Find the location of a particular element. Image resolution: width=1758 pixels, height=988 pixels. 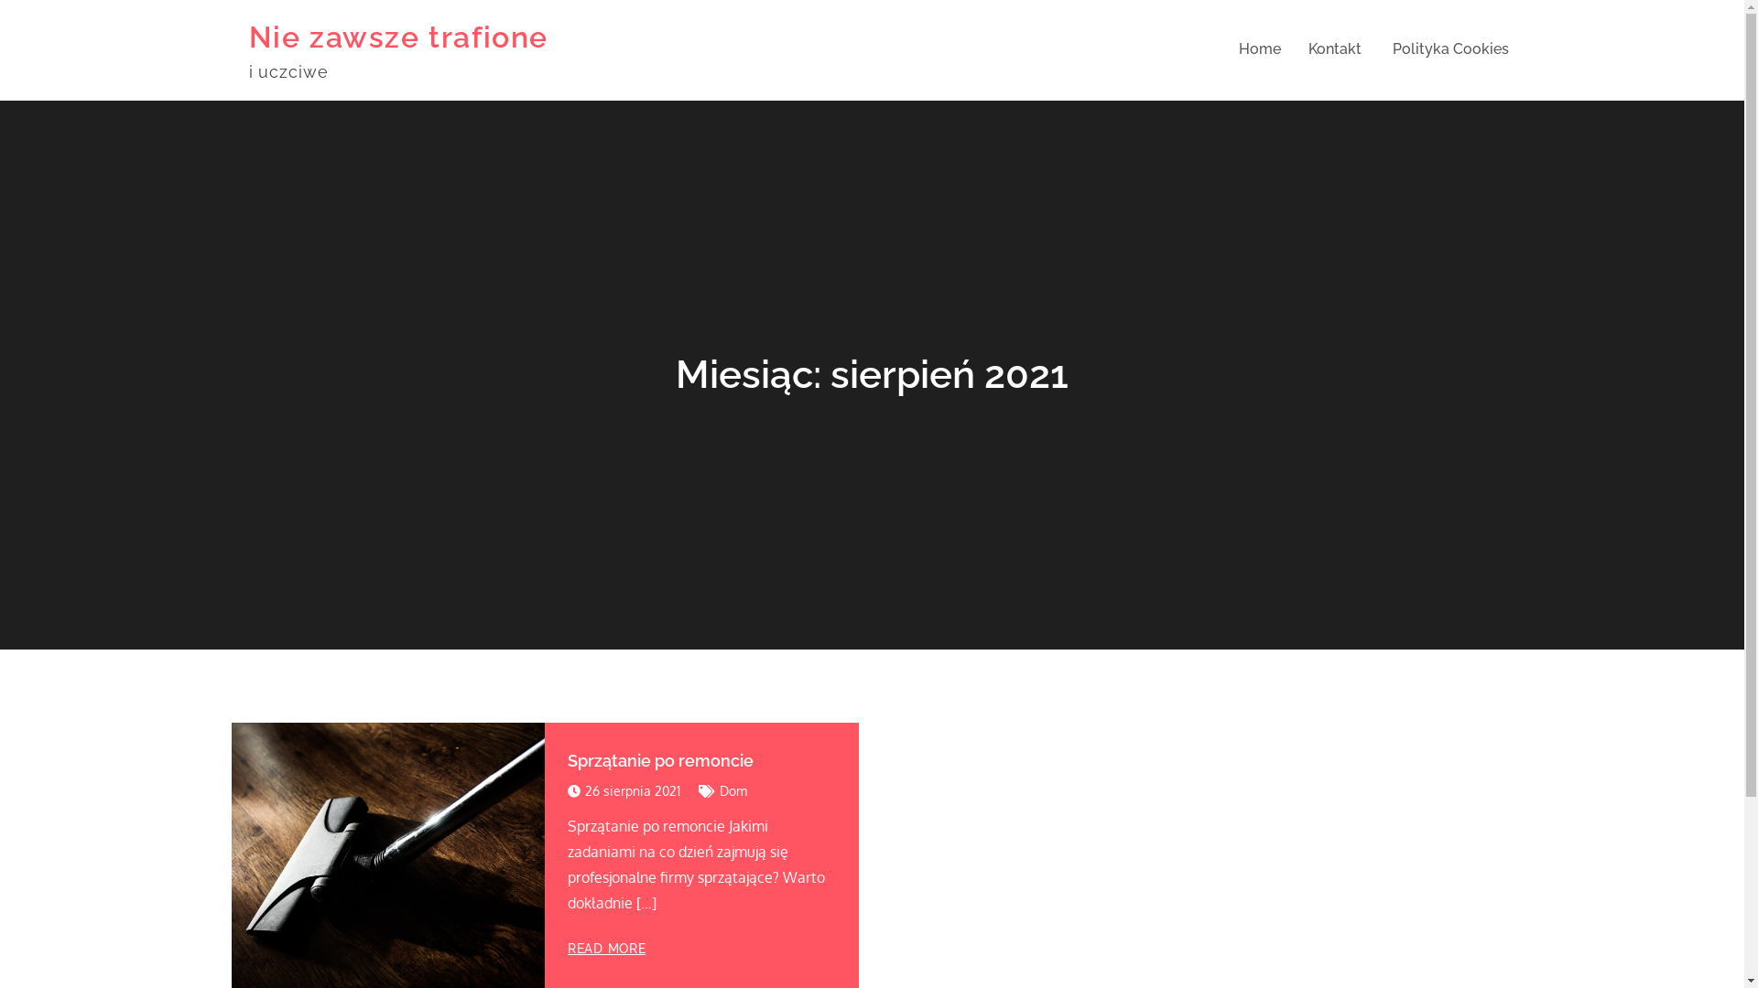

'26 sierpnia 2021' is located at coordinates (566, 789).